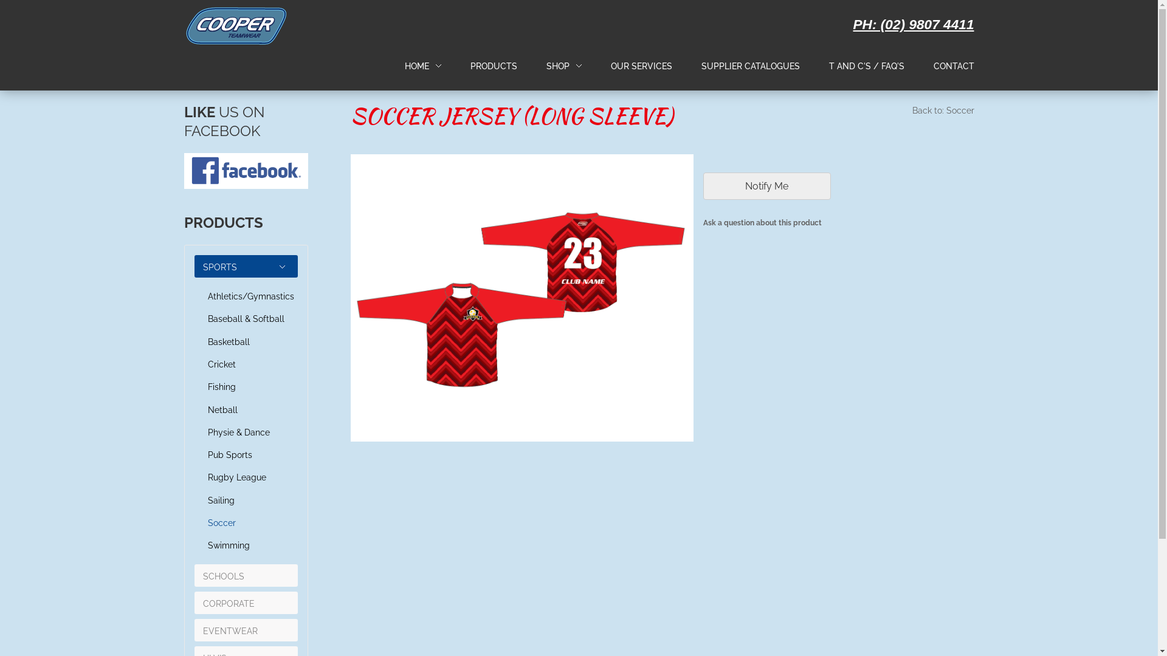  I want to click on 'EVENTWEAR', so click(230, 630).